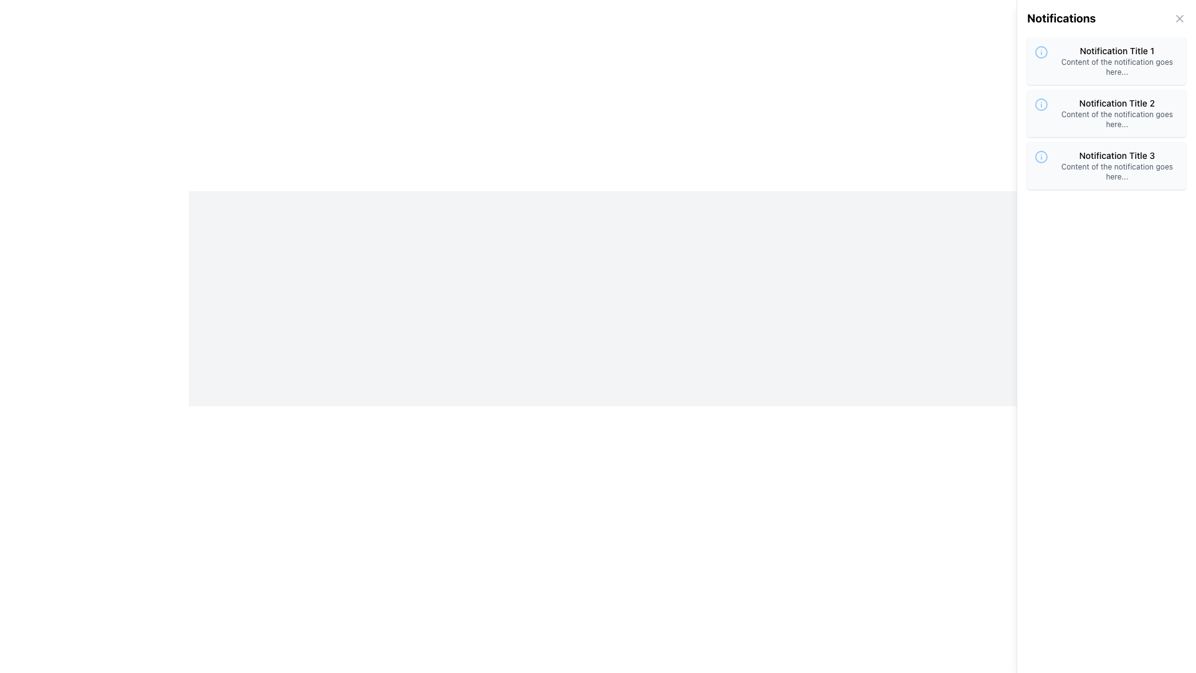 The image size is (1196, 673). I want to click on the circular graphical icon located in the third notification card, which is positioned to the left of the title text 'Notification Title 3', so click(1041, 156).